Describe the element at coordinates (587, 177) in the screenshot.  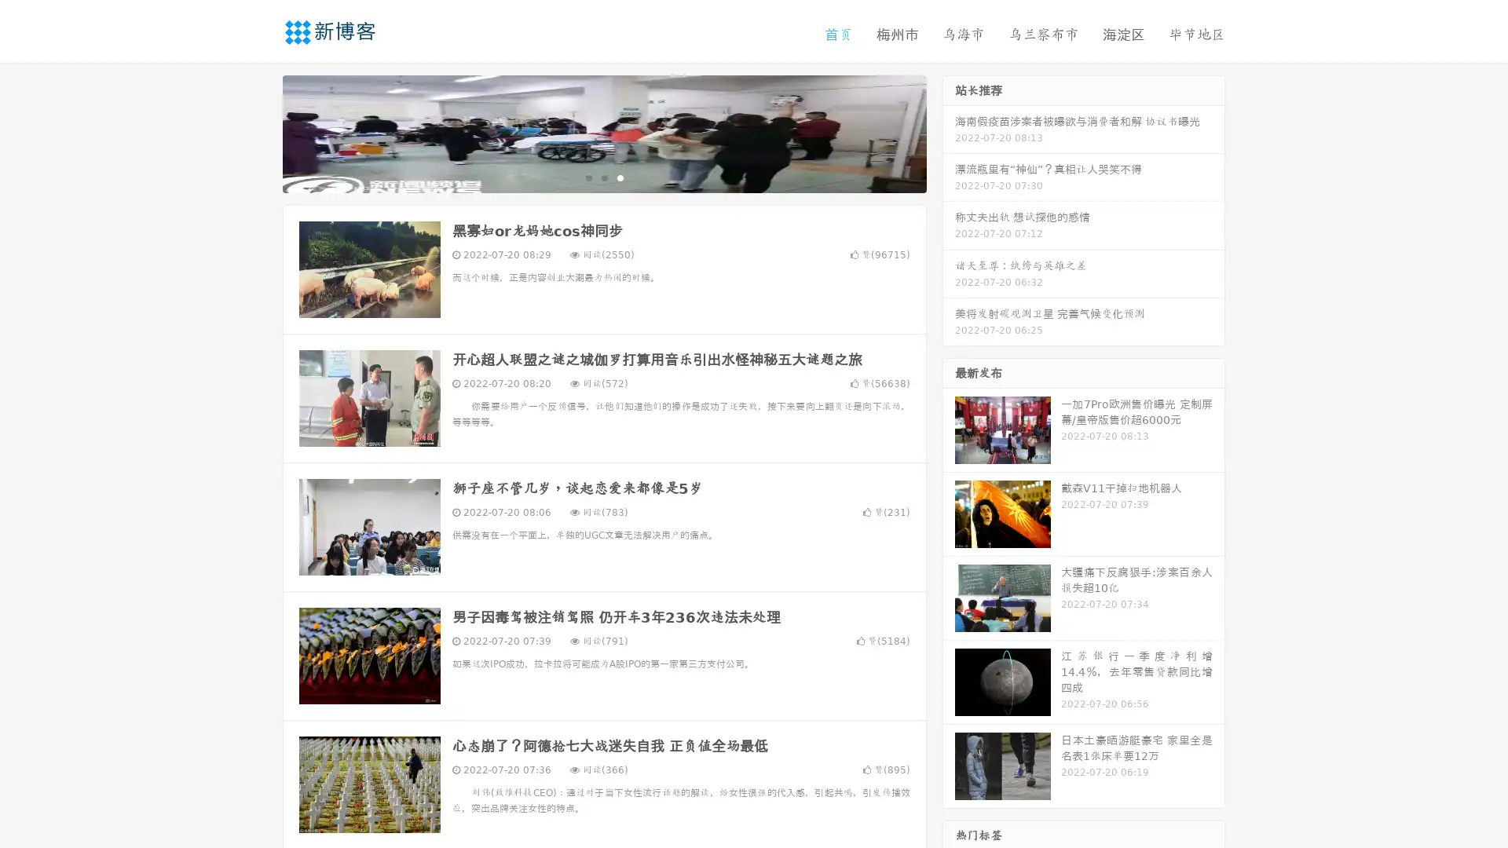
I see `Go to slide 1` at that location.